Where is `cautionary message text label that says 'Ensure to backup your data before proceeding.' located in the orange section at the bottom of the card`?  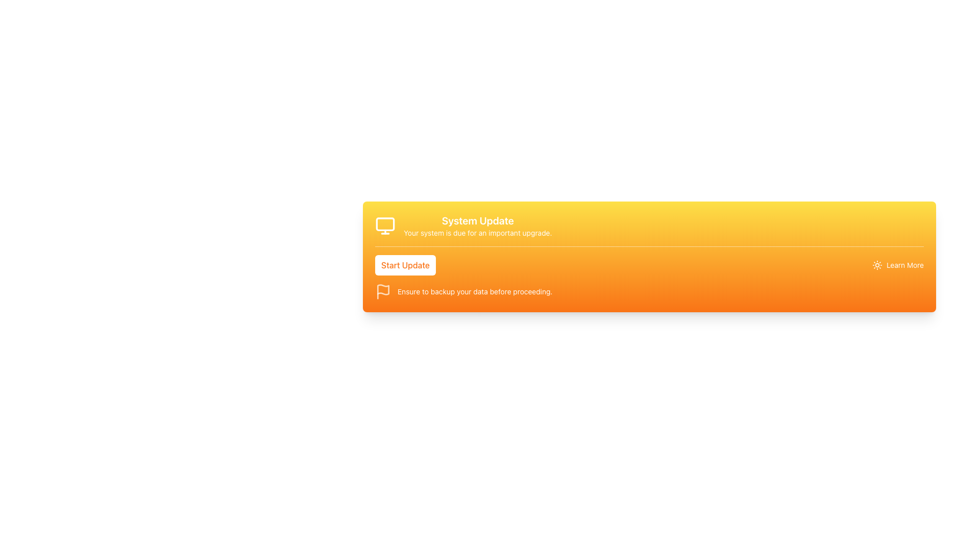
cautionary message text label that says 'Ensure to backup your data before proceeding.' located in the orange section at the bottom of the card is located at coordinates (474, 291).